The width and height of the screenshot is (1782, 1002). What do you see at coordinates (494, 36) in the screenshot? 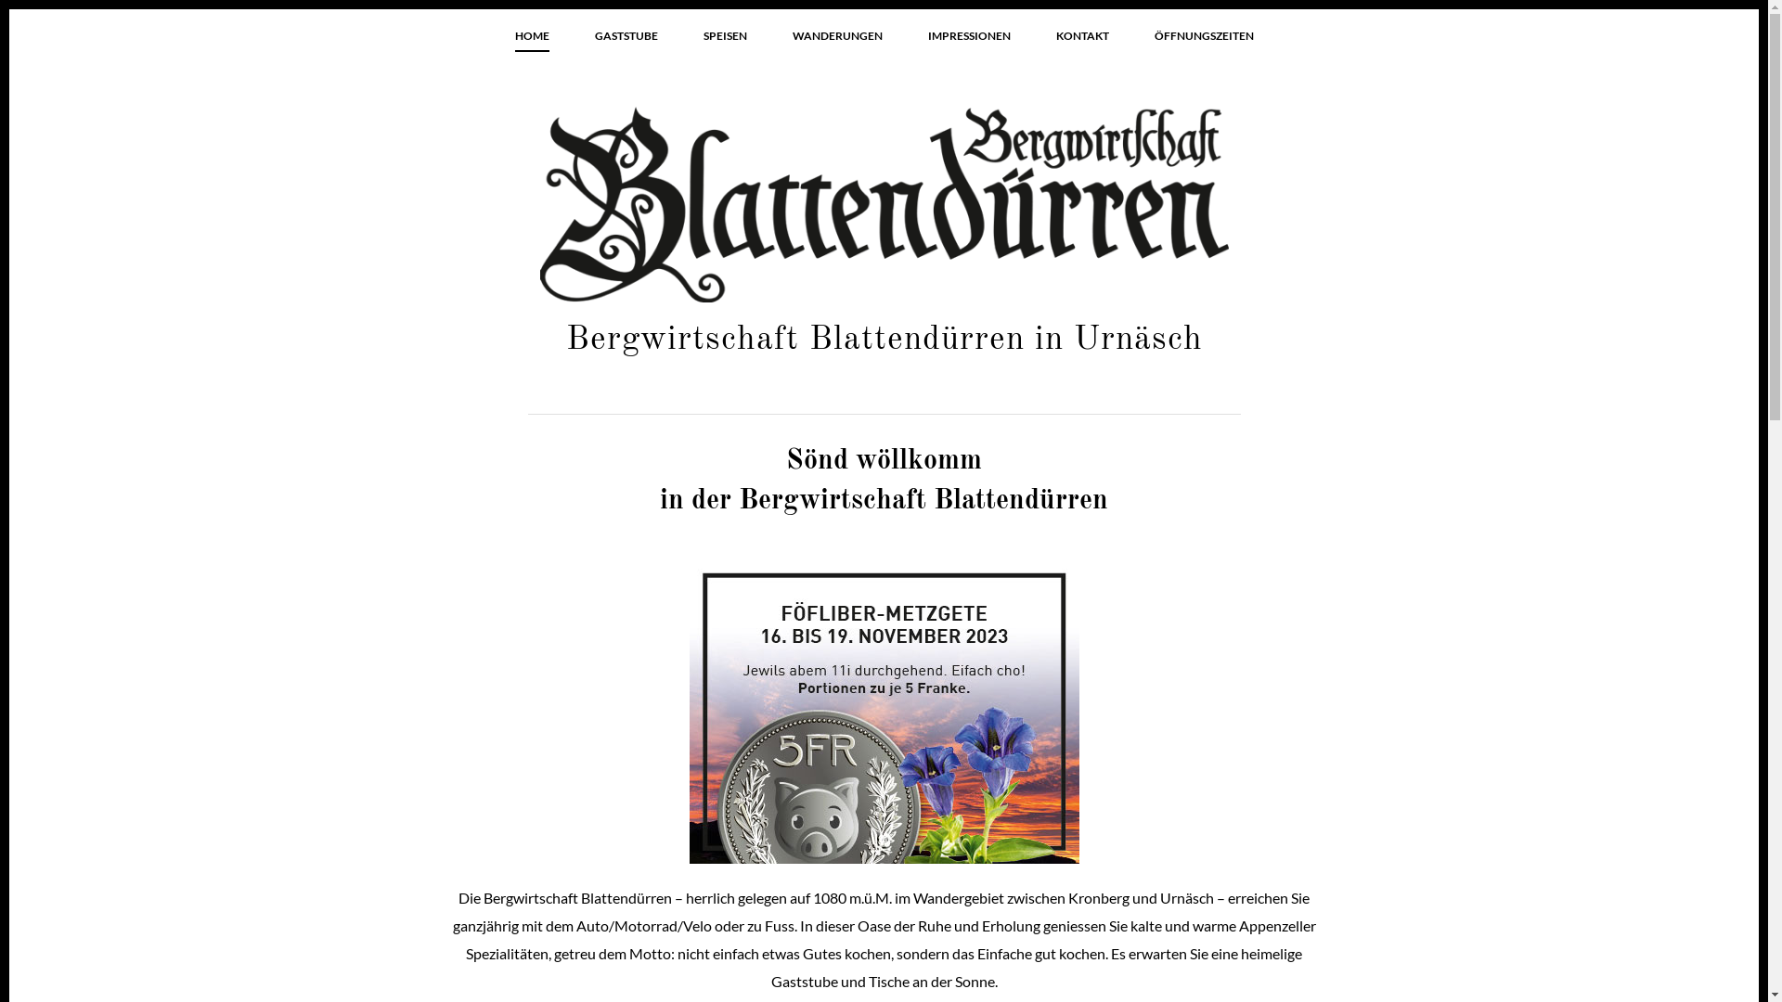
I see `'HOME'` at bounding box center [494, 36].